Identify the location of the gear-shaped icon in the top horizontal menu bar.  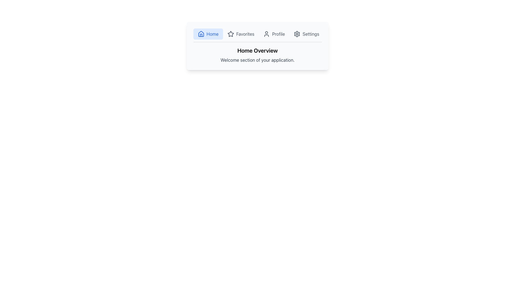
(297, 34).